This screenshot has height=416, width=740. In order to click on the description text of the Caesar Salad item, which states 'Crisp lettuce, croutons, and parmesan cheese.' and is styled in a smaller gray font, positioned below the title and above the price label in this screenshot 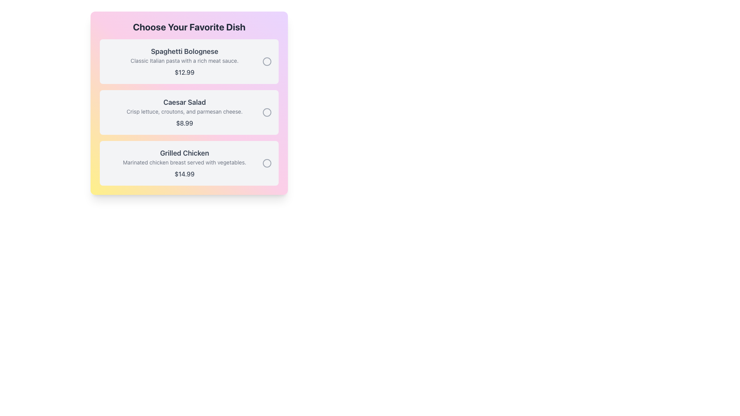, I will do `click(184, 111)`.